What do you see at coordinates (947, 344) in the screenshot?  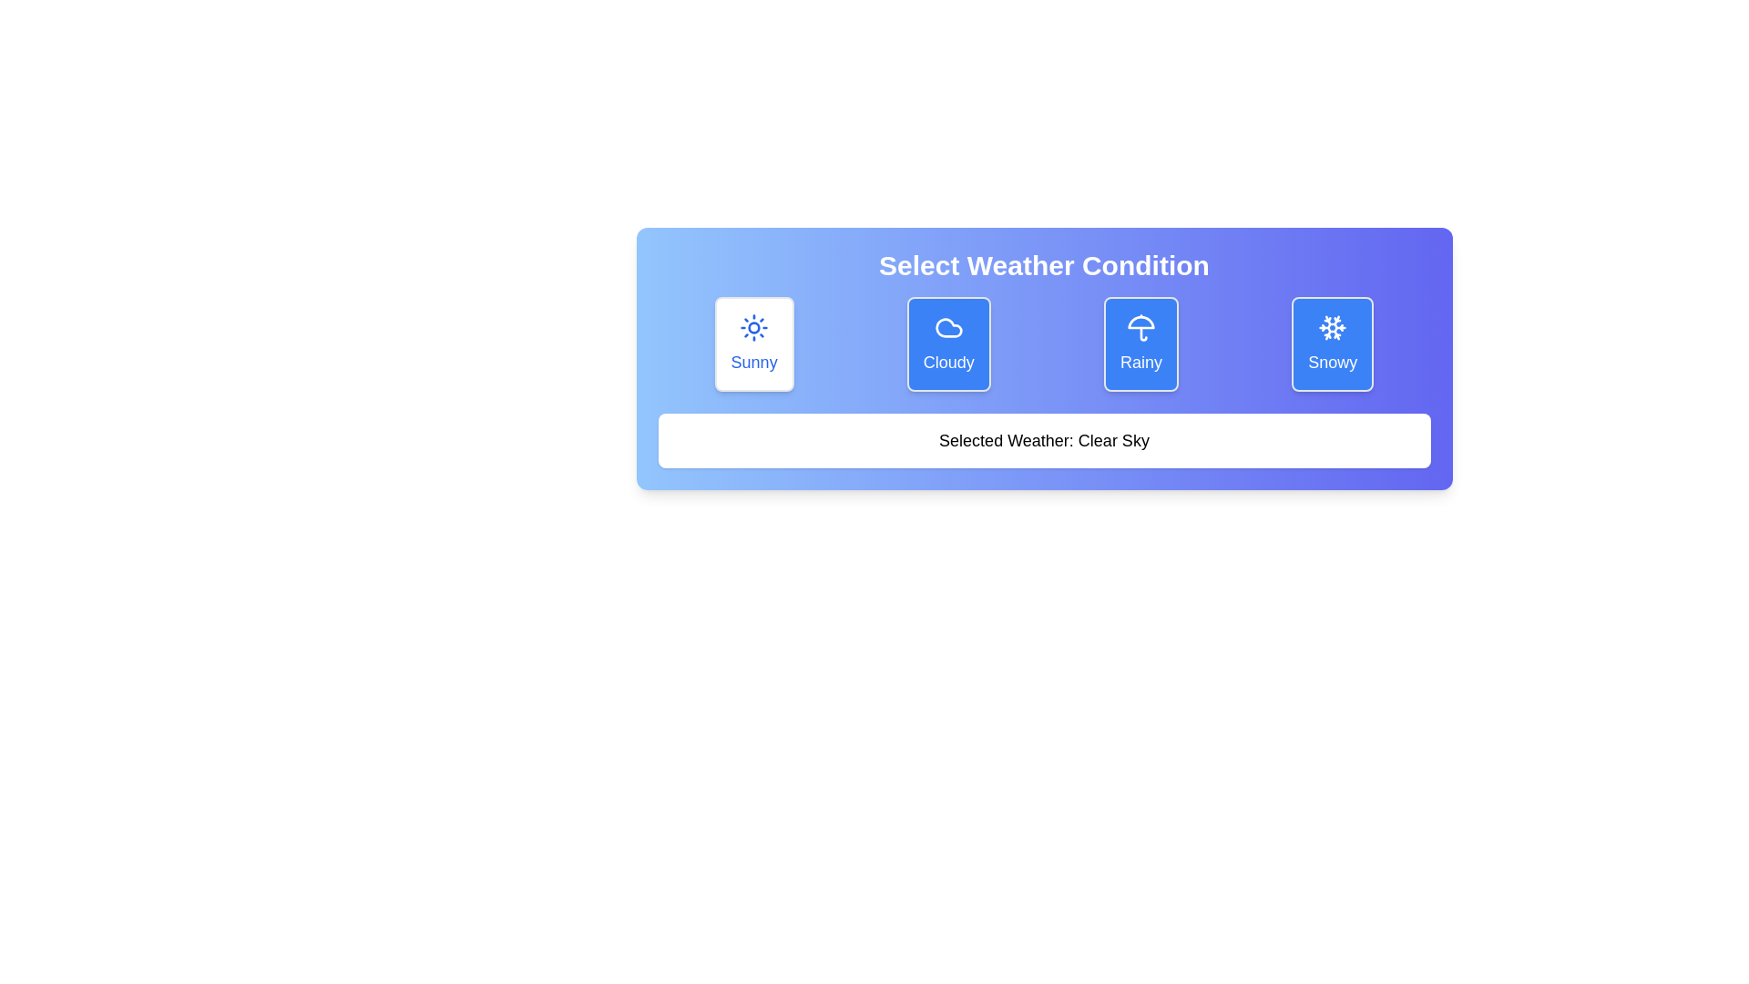 I see `the 'Cloudy' weather condition button, which is the second button in a horizontal row of four buttons located in the center of the interface` at bounding box center [947, 344].